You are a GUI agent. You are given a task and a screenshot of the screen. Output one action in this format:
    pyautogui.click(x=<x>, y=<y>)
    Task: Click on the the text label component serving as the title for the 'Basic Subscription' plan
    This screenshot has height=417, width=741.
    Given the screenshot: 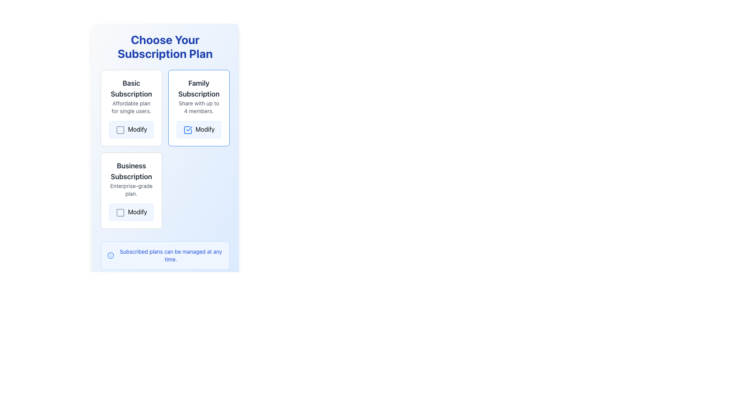 What is the action you would take?
    pyautogui.click(x=131, y=88)
    